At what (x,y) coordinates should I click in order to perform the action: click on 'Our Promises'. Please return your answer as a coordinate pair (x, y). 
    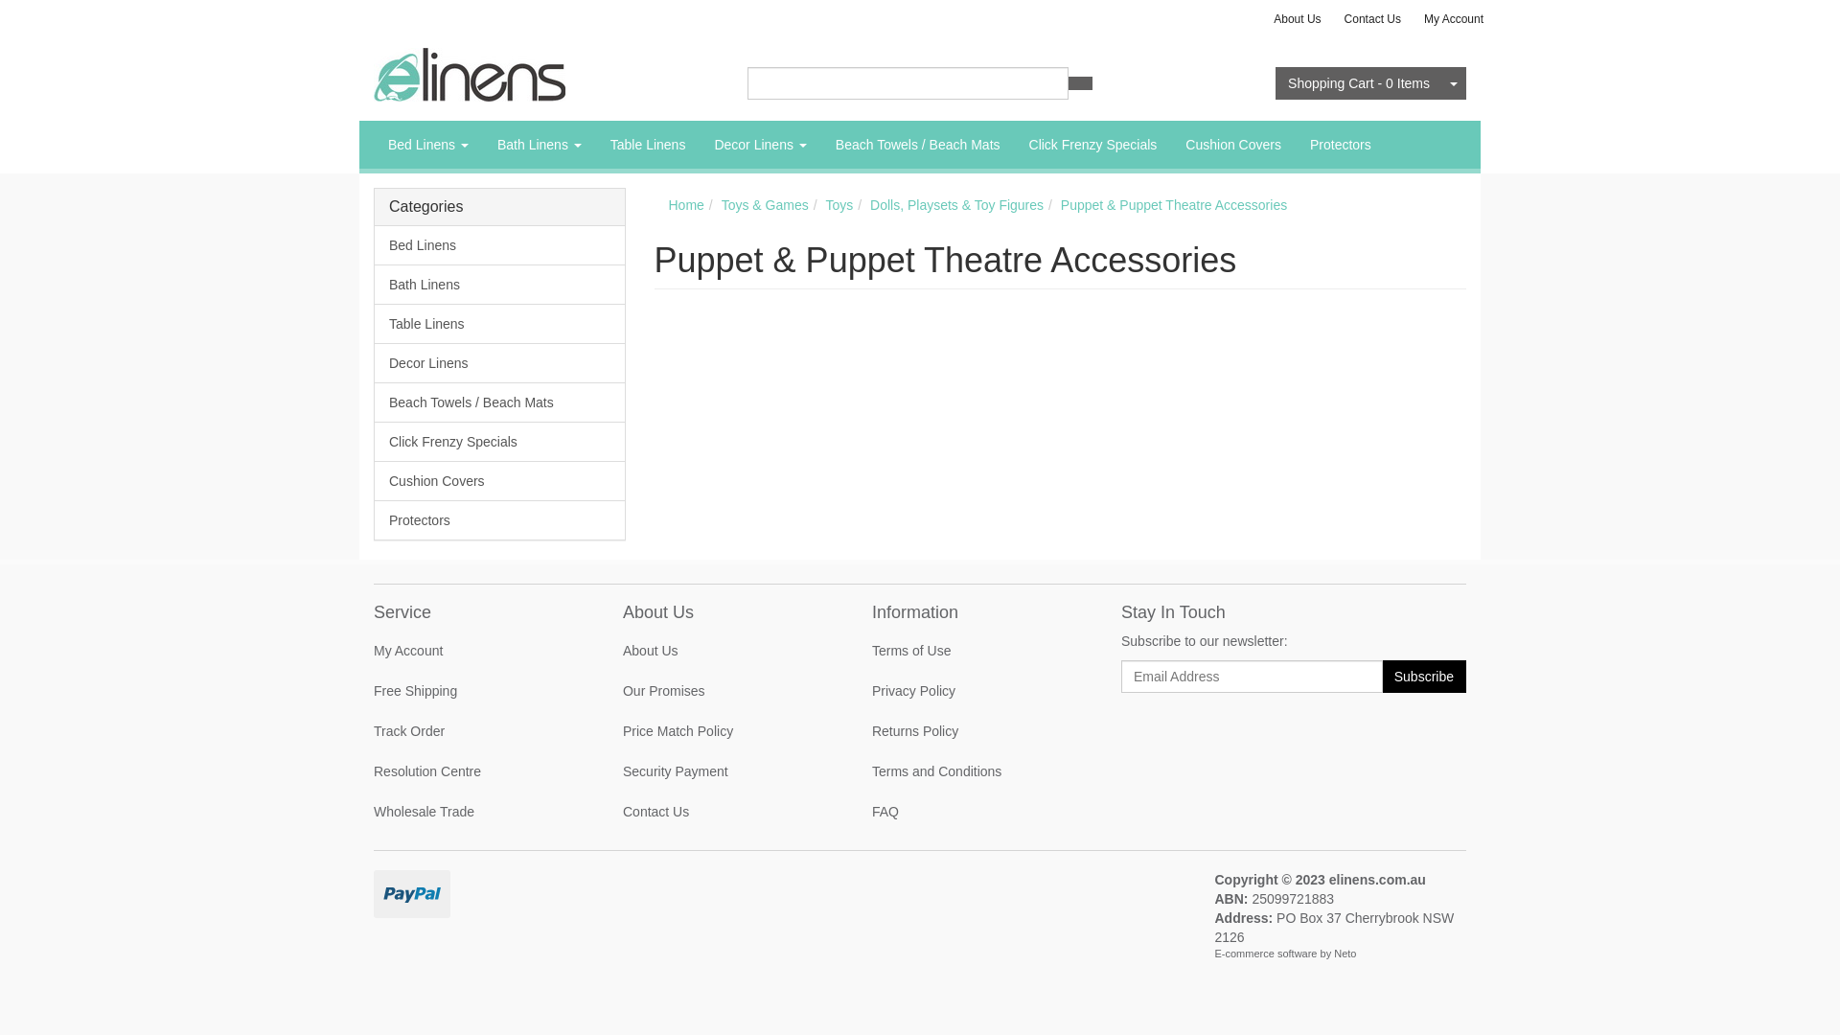
    Looking at the image, I should click on (724, 691).